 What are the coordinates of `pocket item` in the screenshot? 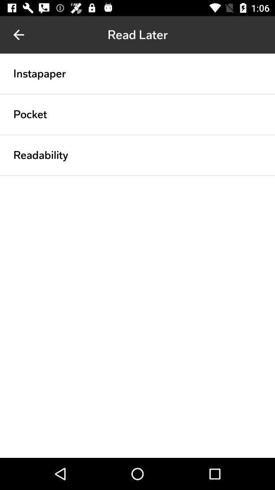 It's located at (30, 114).